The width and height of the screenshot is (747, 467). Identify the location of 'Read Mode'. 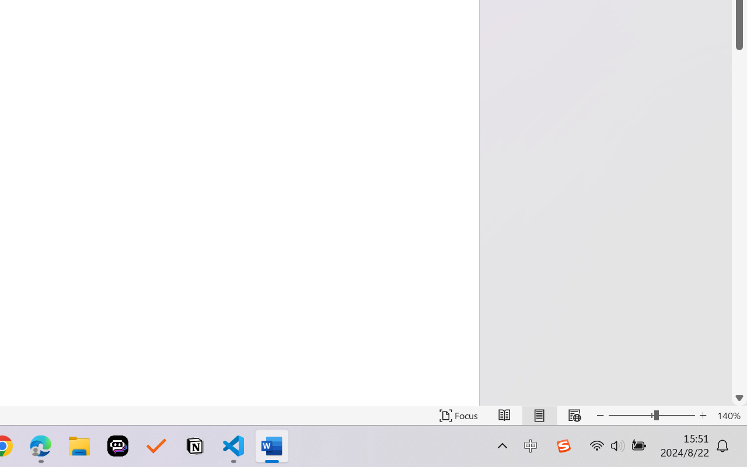
(504, 415).